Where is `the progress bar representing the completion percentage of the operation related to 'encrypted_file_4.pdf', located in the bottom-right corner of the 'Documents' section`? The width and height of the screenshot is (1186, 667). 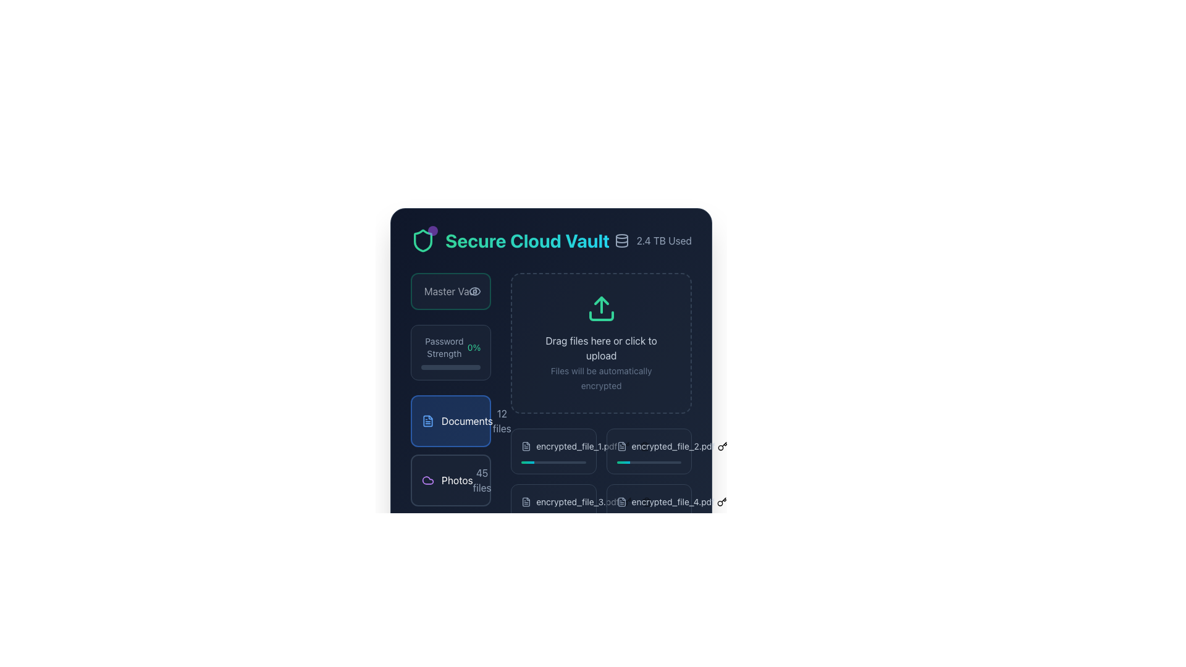
the progress bar representing the completion percentage of the operation related to 'encrypted_file_4.pdf', located in the bottom-right corner of the 'Documents' section is located at coordinates (648, 518).